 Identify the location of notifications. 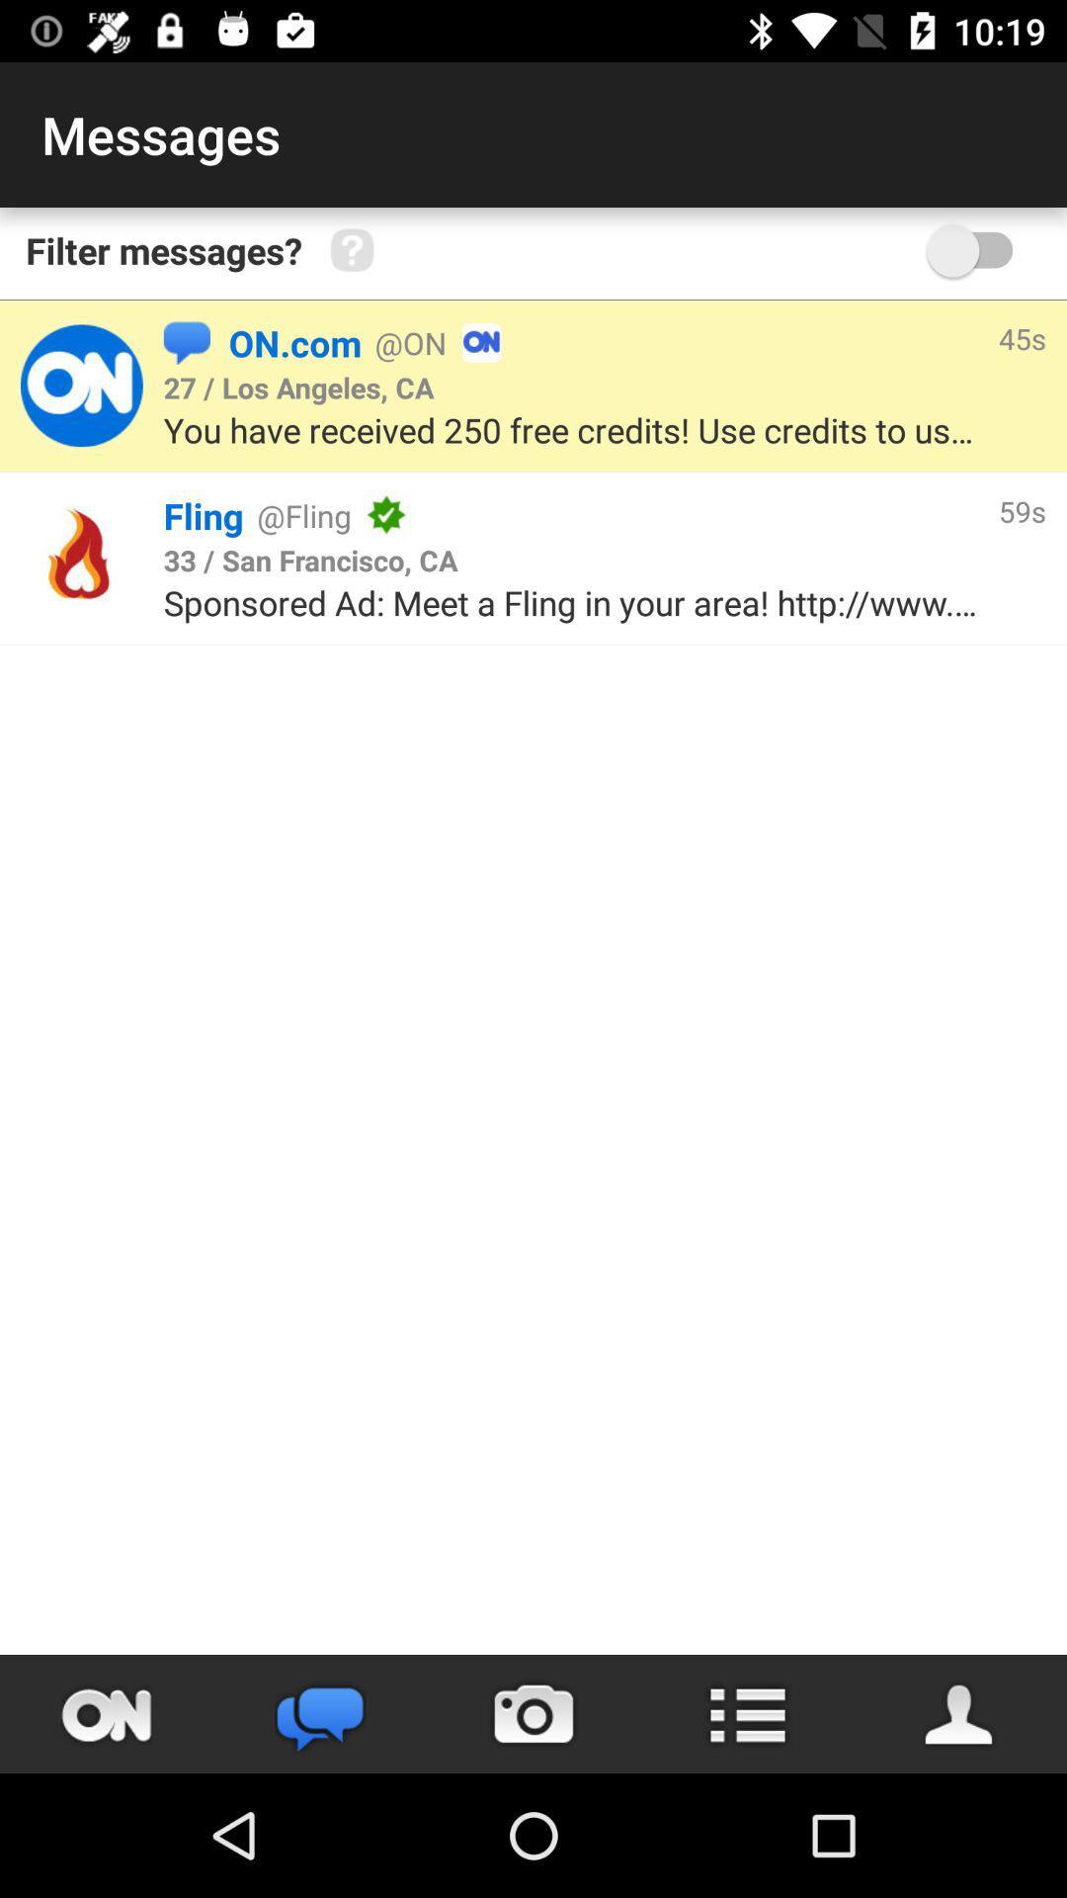
(107, 1713).